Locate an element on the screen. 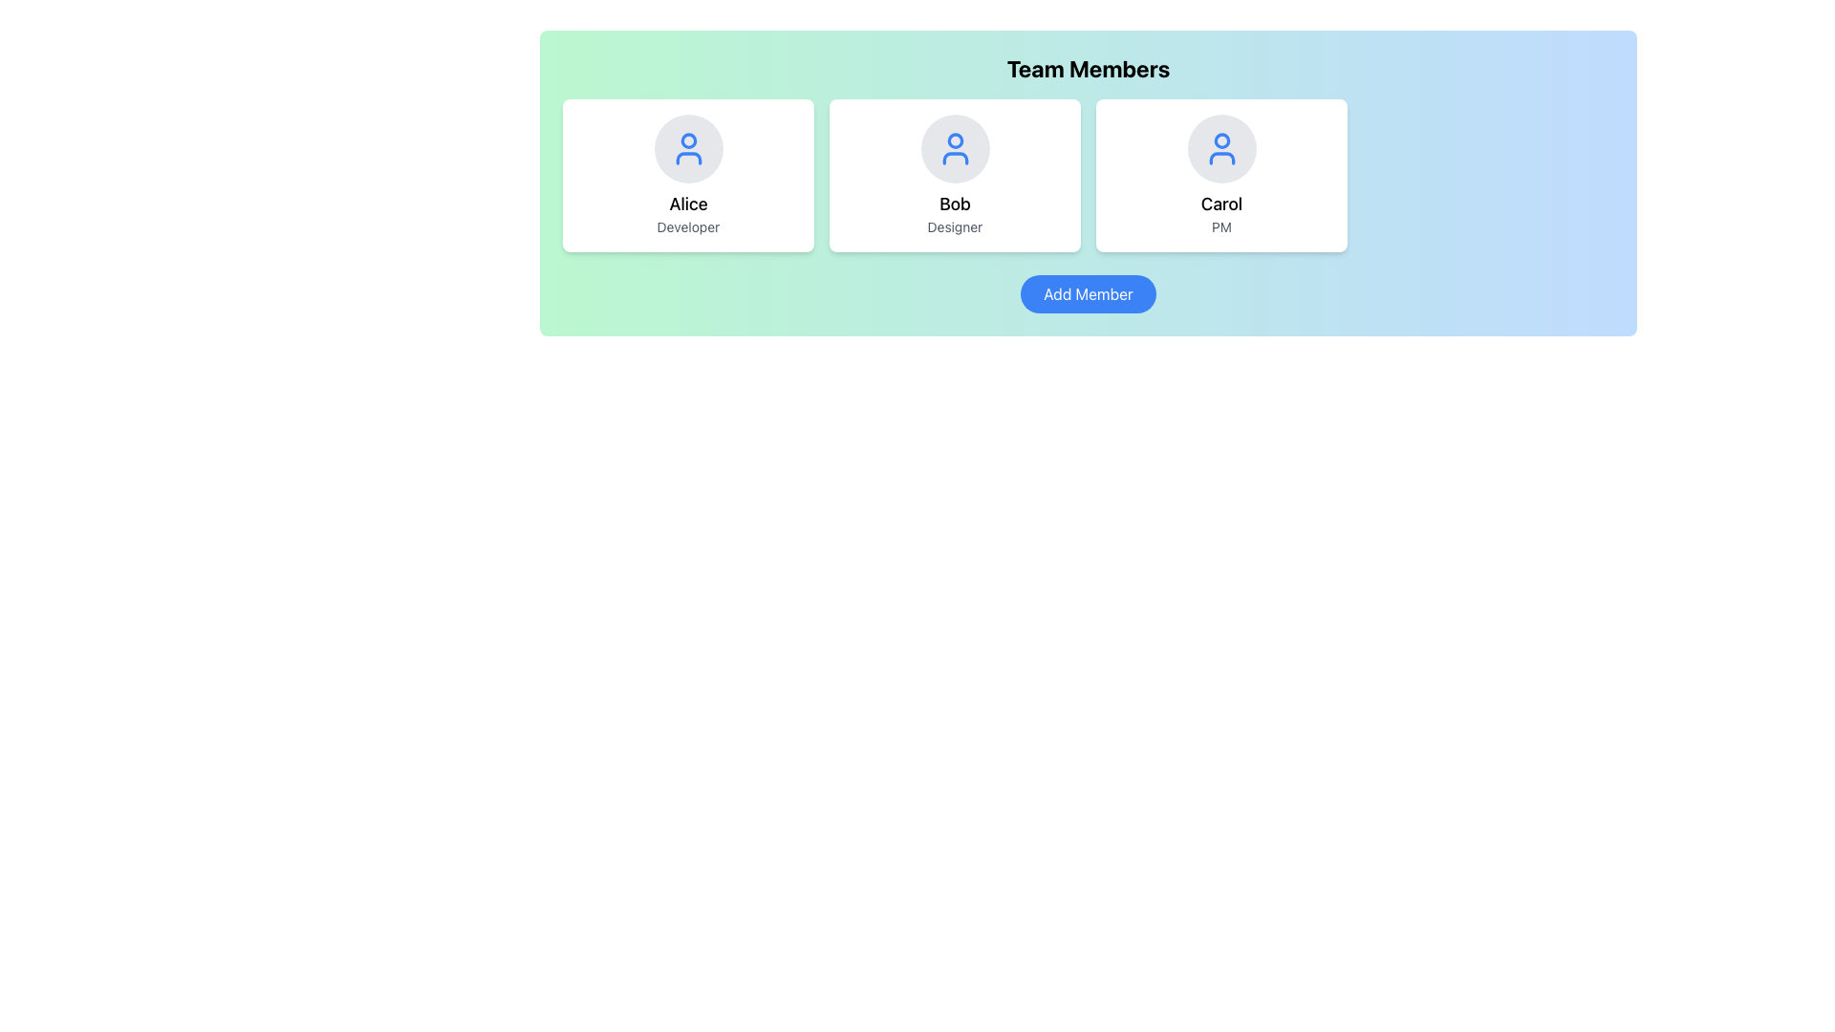 The image size is (1835, 1032). text content of the 'Developer' text label, which is styled in gray and located below the name 'Alice' within a card component is located at coordinates (688, 226).